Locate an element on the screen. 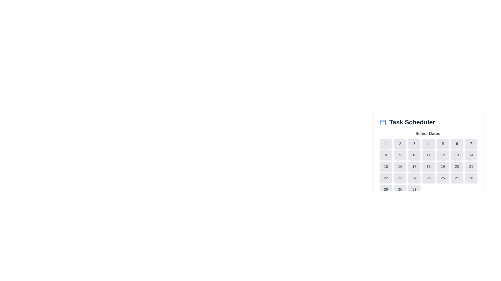  the rectangular button labeled '10' with a light gray background, located in the second row and third column of the grid is located at coordinates (414, 155).